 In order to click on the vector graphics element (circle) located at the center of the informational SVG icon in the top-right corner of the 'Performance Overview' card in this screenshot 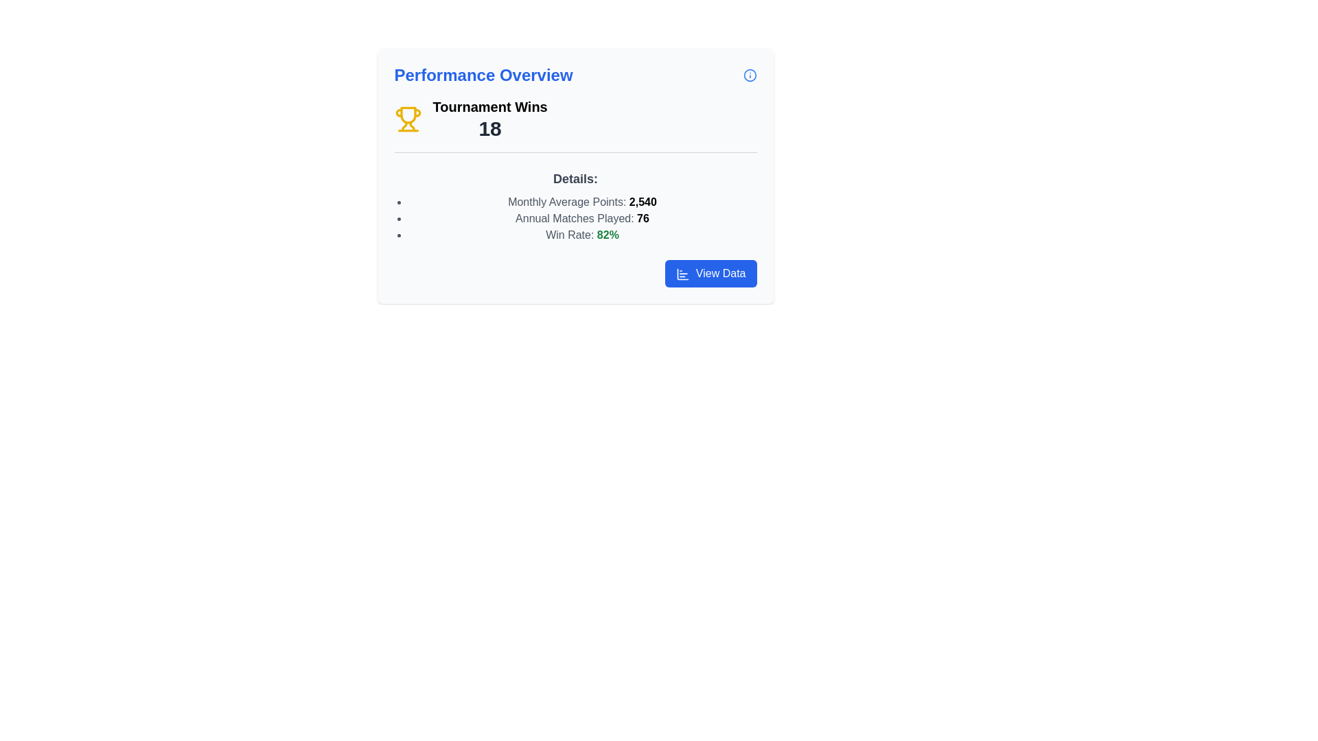, I will do `click(749, 75)`.